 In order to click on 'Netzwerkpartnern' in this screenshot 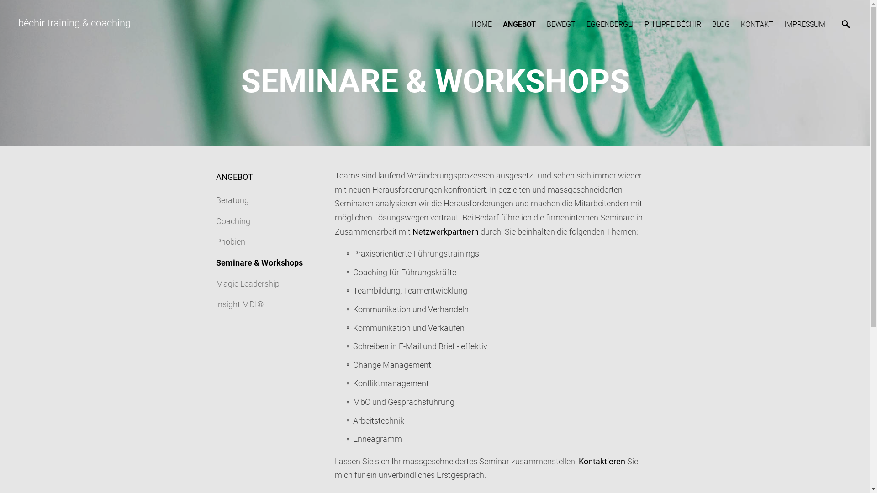, I will do `click(445, 231)`.